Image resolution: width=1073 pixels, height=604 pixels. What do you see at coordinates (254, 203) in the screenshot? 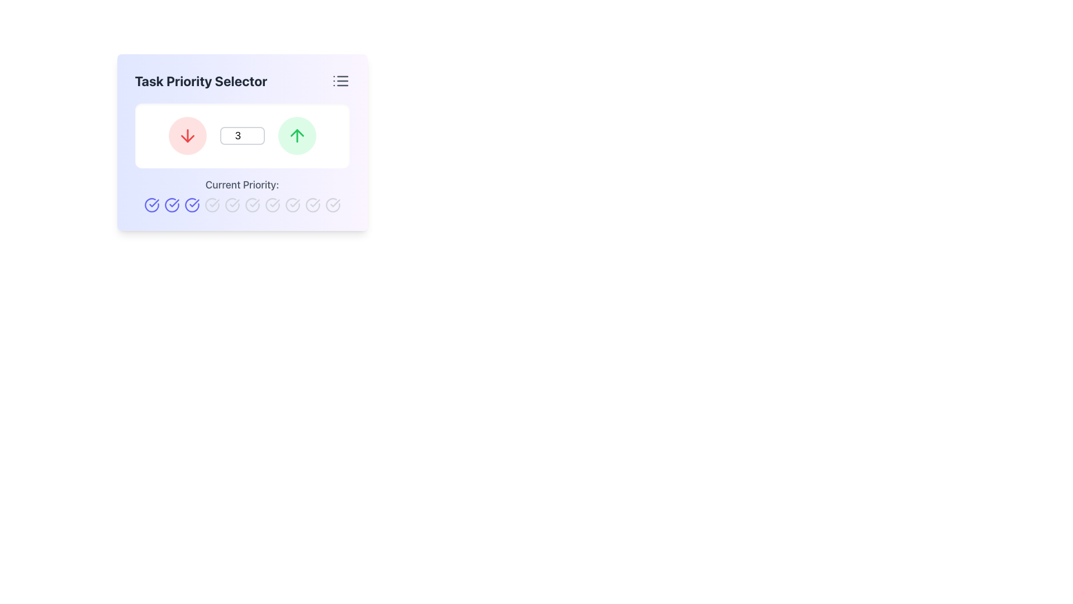
I see `the check mark icon element` at bounding box center [254, 203].